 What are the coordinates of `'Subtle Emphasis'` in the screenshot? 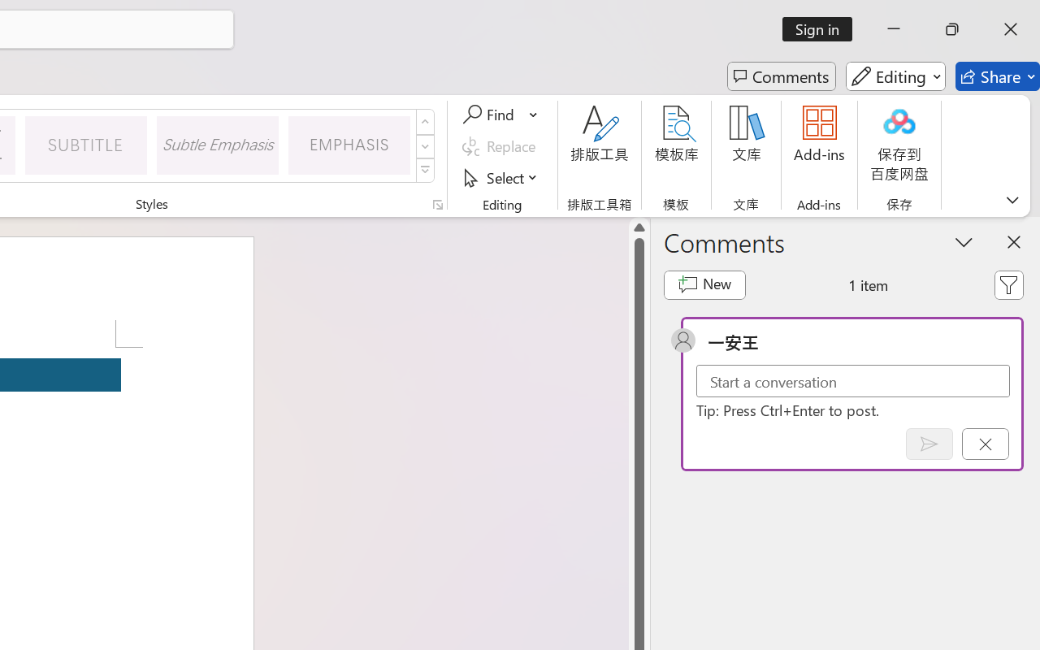 It's located at (217, 144).